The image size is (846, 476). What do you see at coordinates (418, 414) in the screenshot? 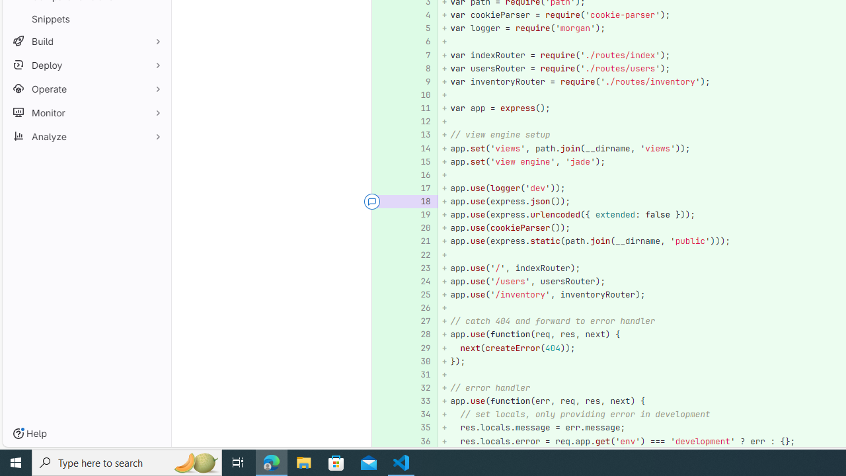
I see `'34'` at bounding box center [418, 414].